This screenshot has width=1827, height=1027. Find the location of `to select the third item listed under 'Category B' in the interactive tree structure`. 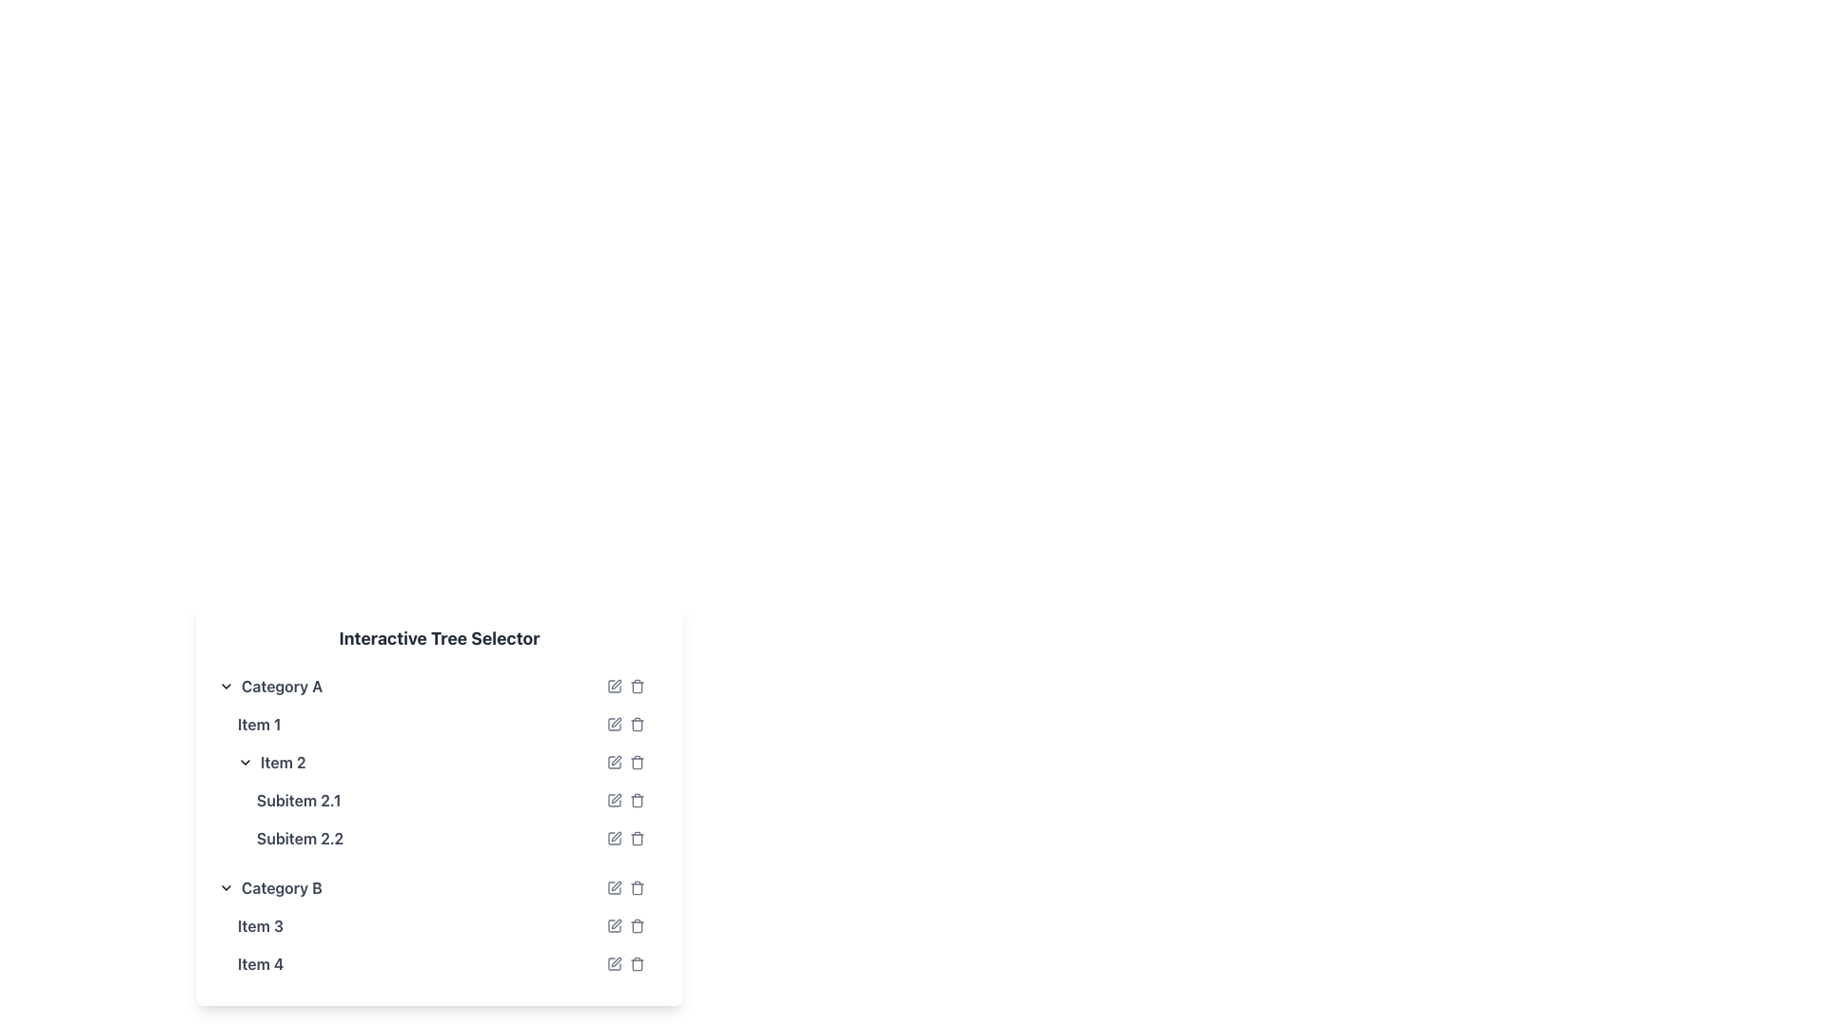

to select the third item listed under 'Category B' in the interactive tree structure is located at coordinates (438, 925).